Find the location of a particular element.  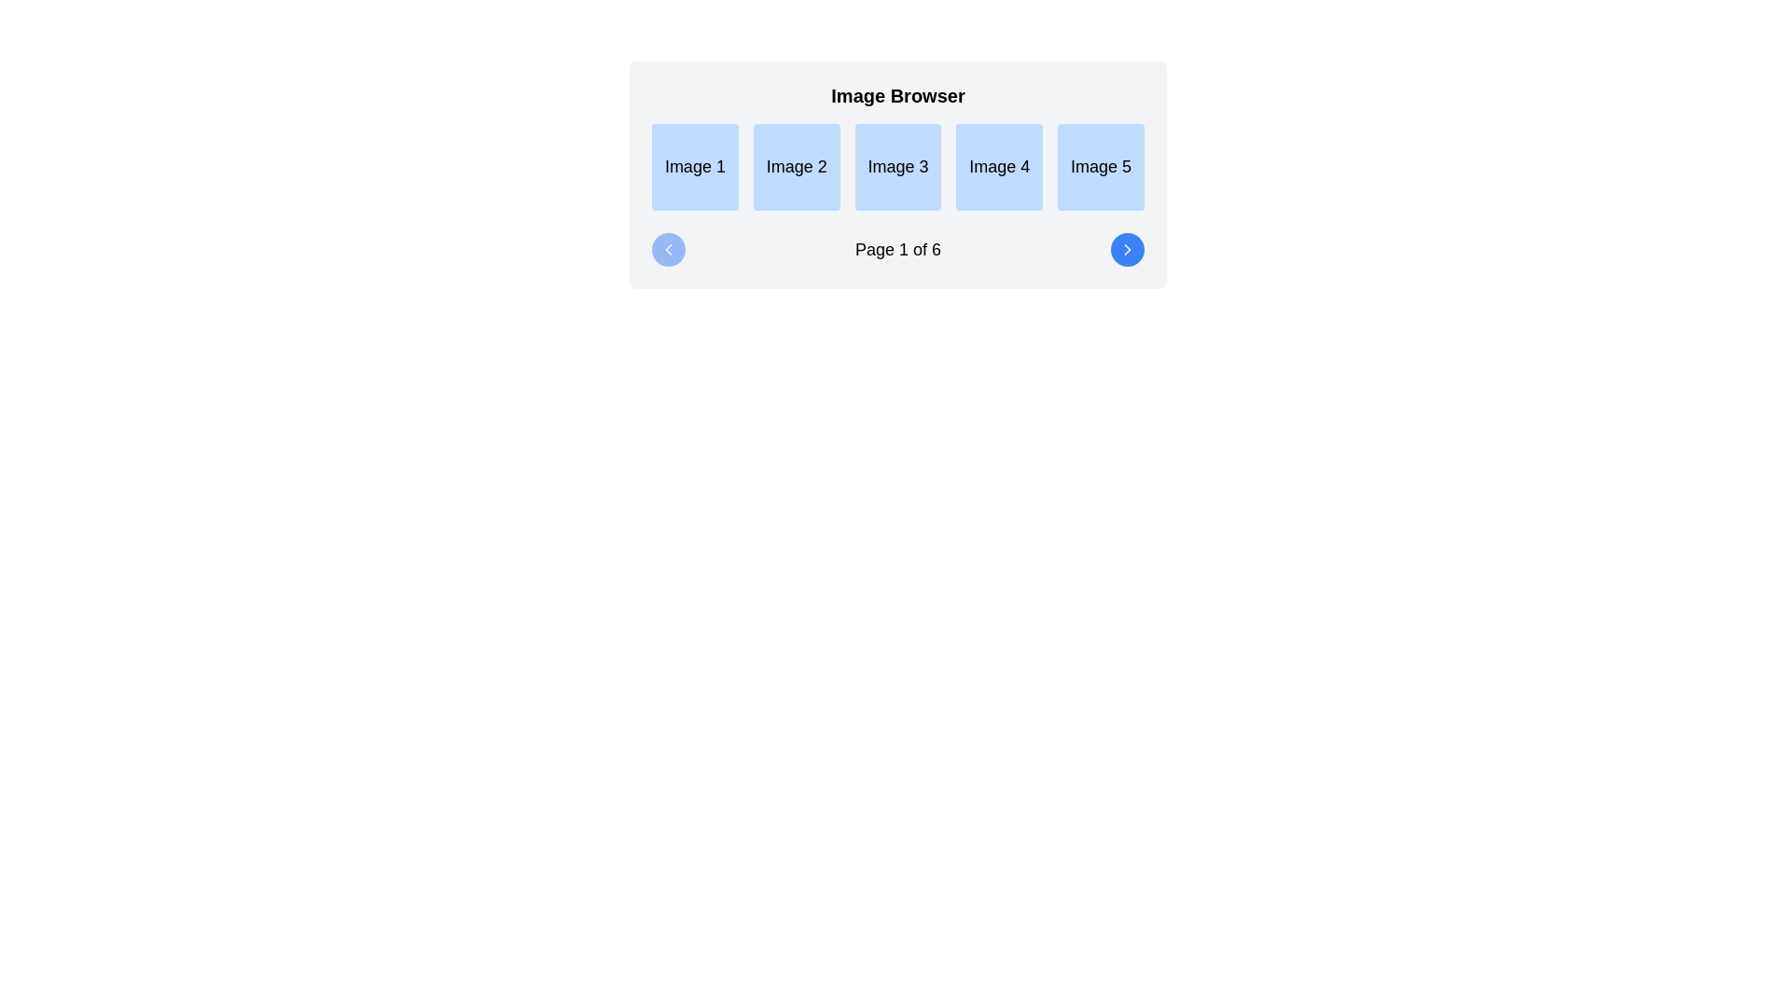

the light blue square item in the grid below the 'Image Browser' header is located at coordinates (898, 165).